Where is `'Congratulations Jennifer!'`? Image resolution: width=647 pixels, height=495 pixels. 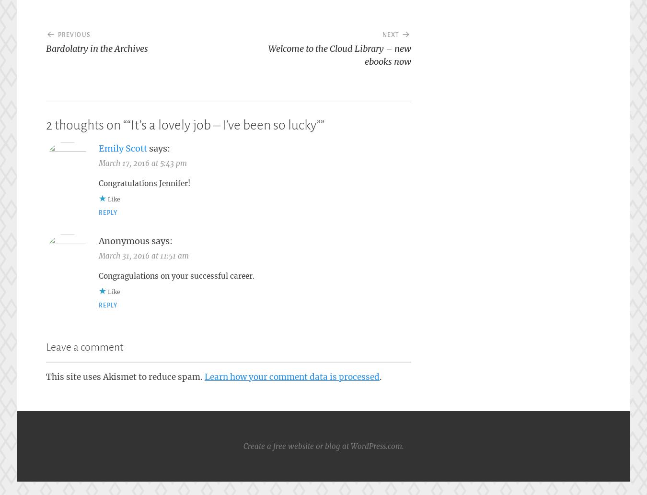 'Congratulations Jennifer!' is located at coordinates (144, 183).